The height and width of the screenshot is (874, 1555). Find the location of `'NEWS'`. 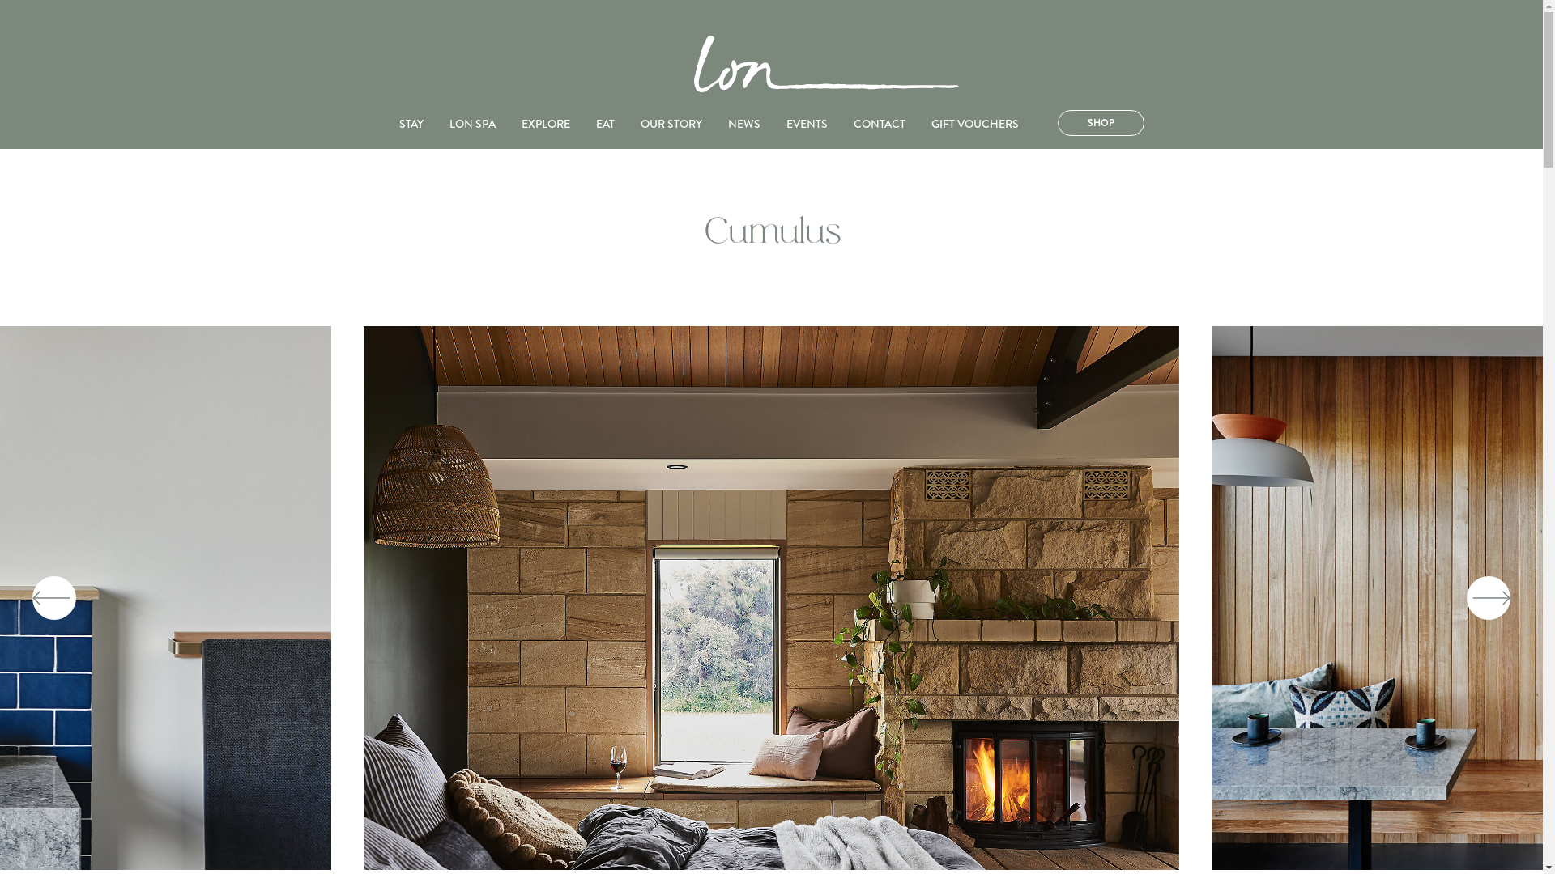

'NEWS' is located at coordinates (742, 123).